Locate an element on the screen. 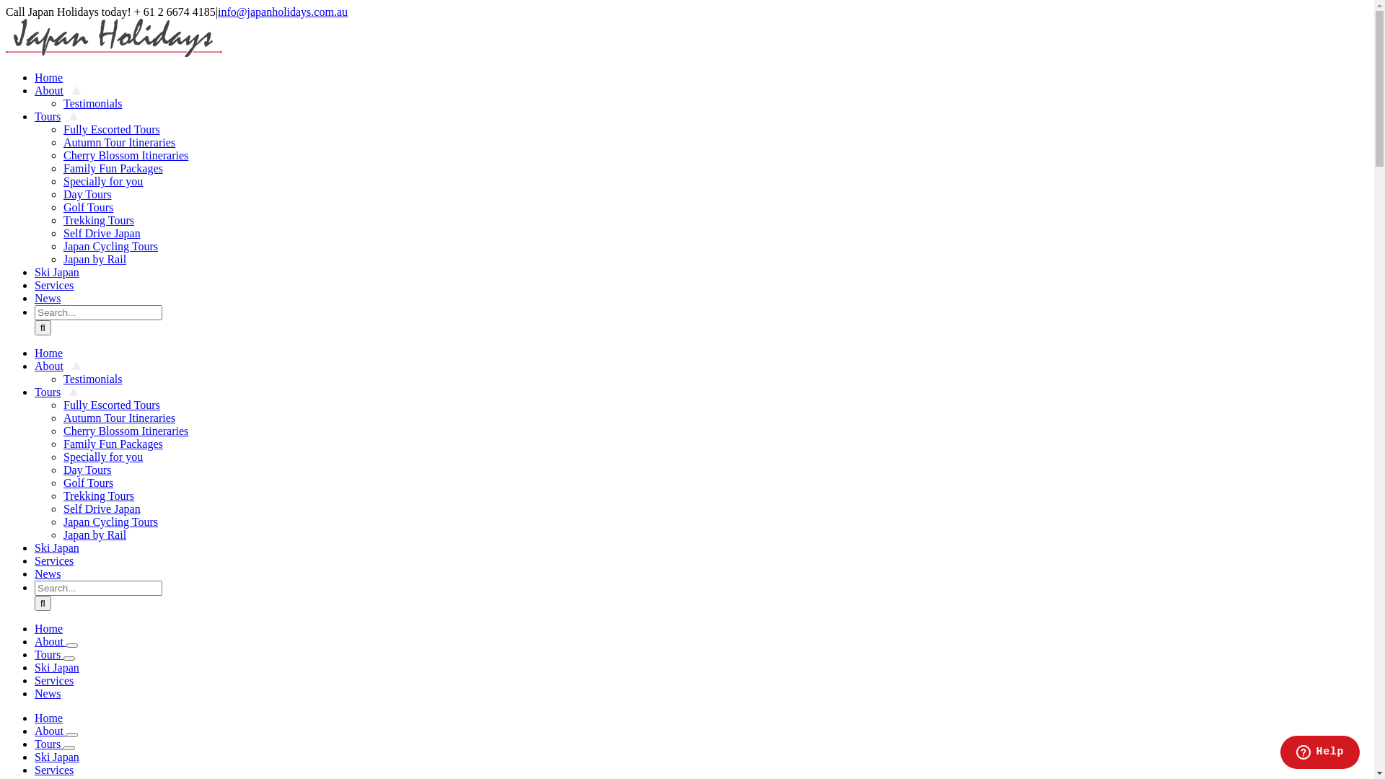  'Japan by Rail' is located at coordinates (62, 258).